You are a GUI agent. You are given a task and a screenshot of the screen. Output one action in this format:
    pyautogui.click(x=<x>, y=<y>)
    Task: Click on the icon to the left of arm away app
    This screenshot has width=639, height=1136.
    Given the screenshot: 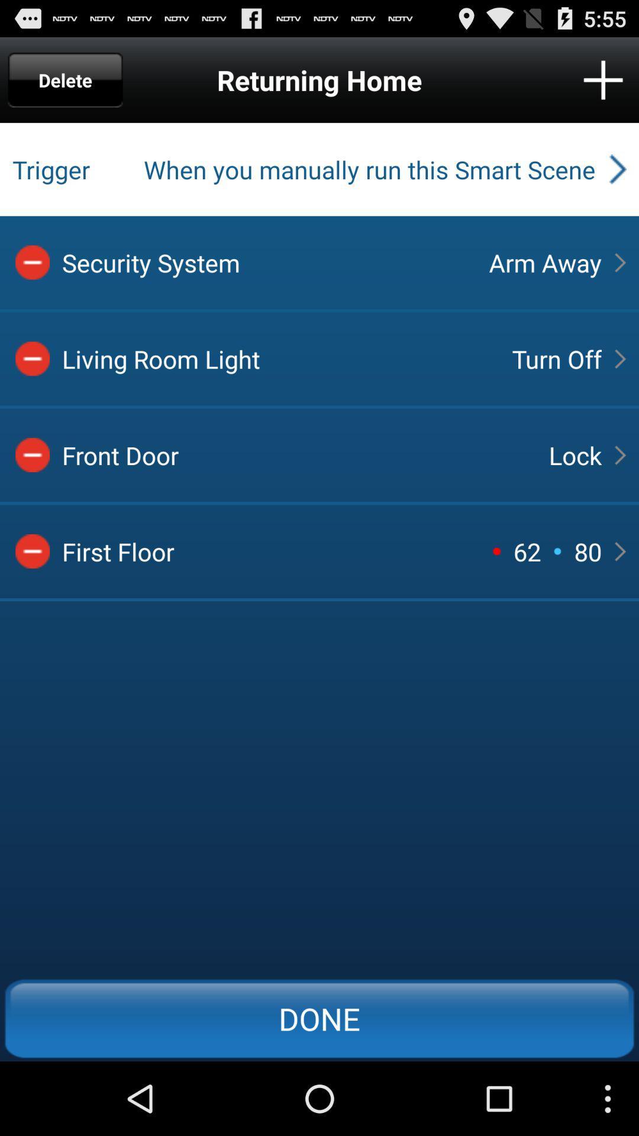 What is the action you would take?
    pyautogui.click(x=264, y=262)
    